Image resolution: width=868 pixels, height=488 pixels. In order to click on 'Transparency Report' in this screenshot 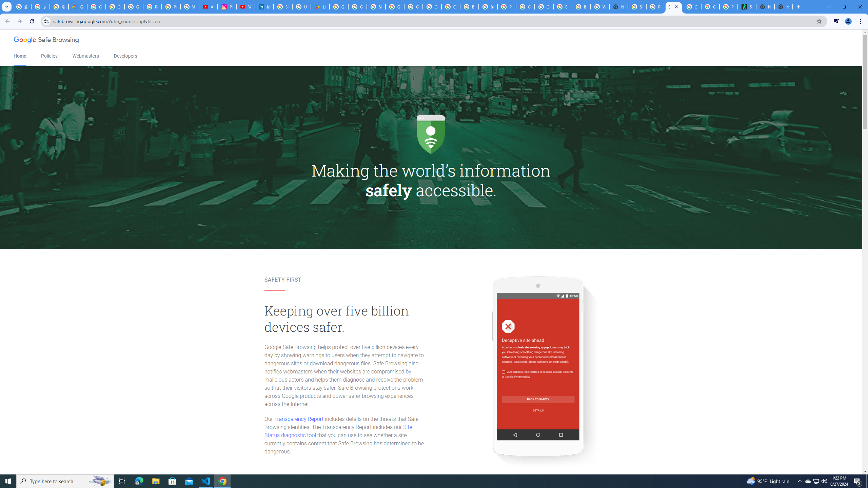, I will do `click(298, 419)`.